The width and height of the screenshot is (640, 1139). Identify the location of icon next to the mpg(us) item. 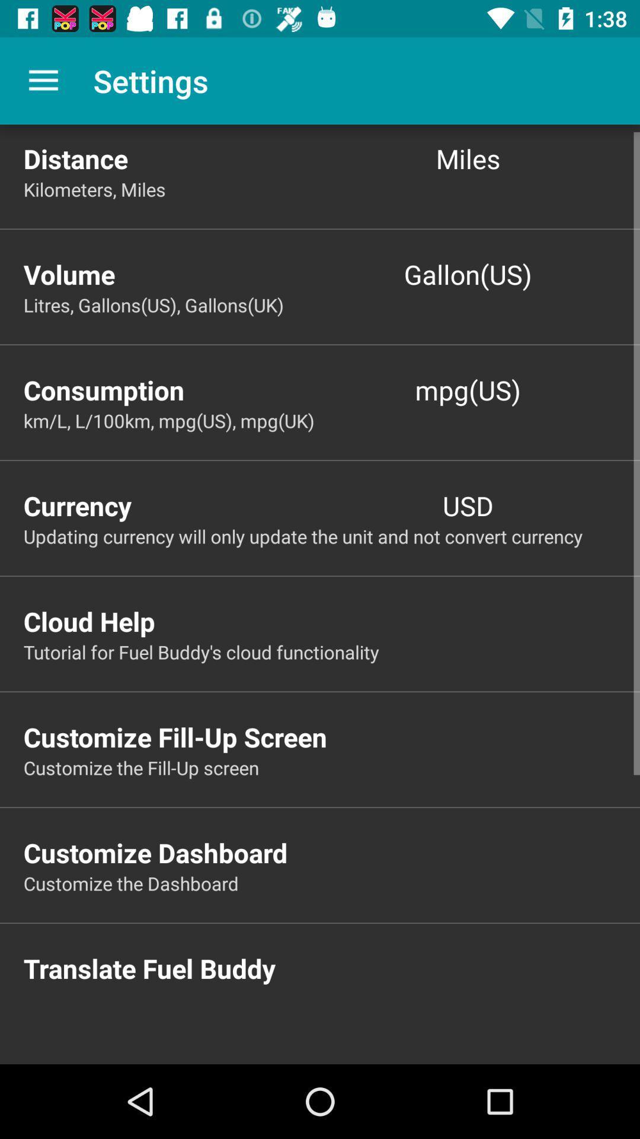
(171, 390).